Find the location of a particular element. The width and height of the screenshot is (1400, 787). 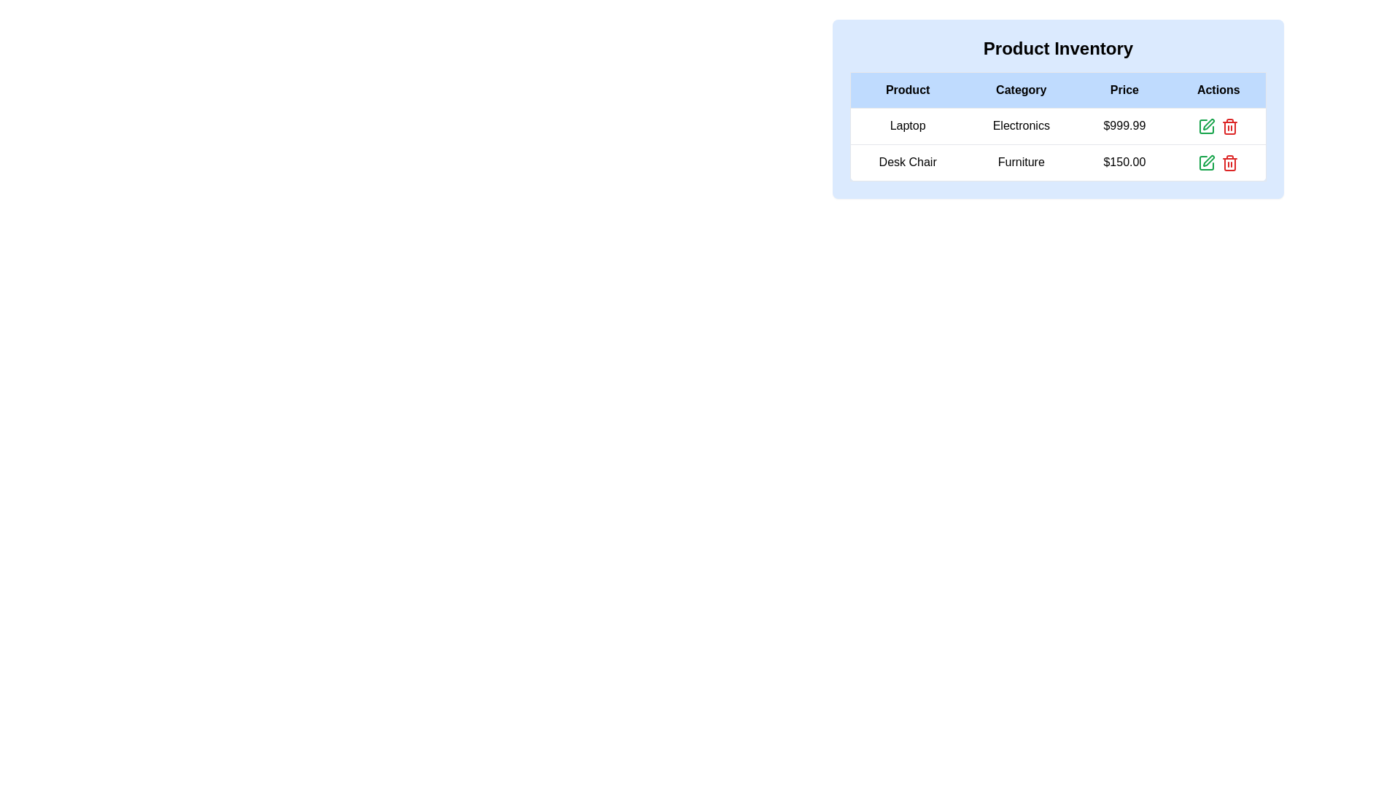

the static text element that reads 'Furniture' located in the second row of the table under the 'Category' column is located at coordinates (1020, 163).